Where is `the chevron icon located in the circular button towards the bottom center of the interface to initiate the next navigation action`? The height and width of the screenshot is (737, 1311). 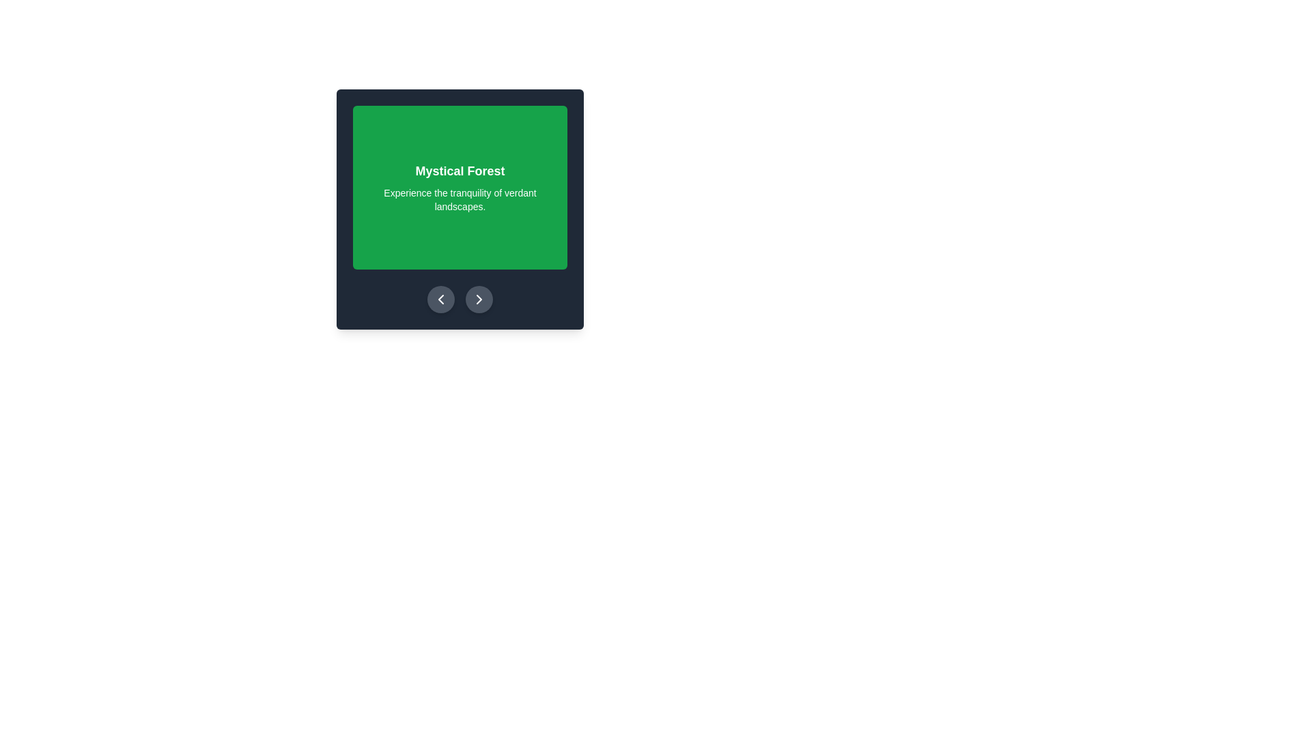
the chevron icon located in the circular button towards the bottom center of the interface to initiate the next navigation action is located at coordinates (479, 299).